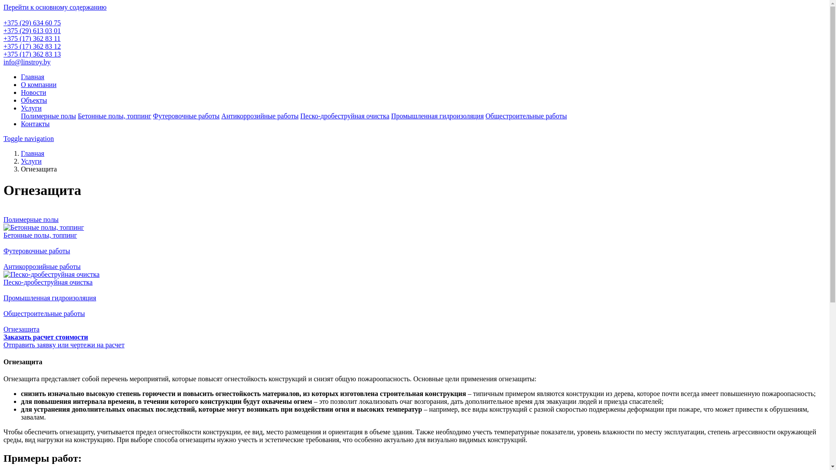 This screenshot has height=470, width=836. I want to click on '+375 (17) 362 83 13', so click(32, 54).